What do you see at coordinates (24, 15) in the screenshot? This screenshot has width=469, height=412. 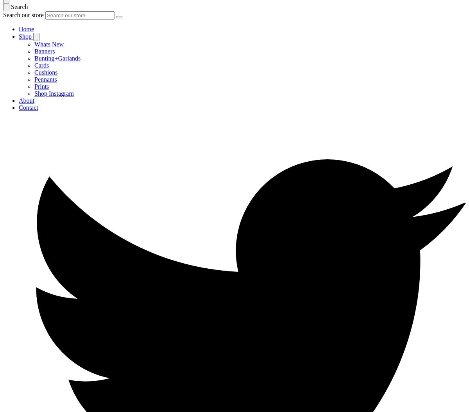 I see `'Search our store'` at bounding box center [24, 15].